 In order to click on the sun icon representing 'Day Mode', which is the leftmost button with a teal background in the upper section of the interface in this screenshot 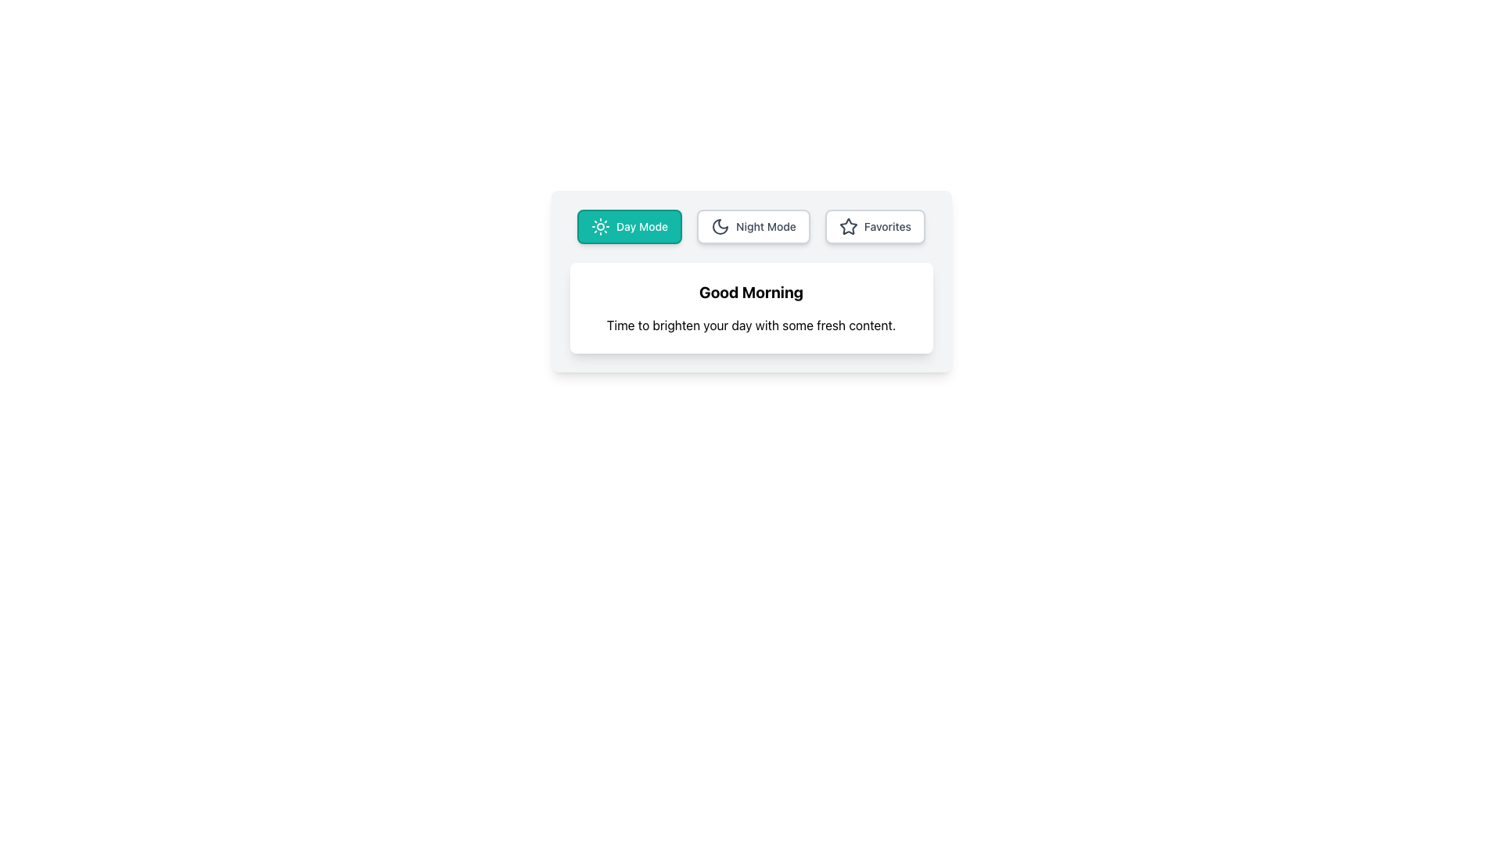, I will do `click(600, 226)`.